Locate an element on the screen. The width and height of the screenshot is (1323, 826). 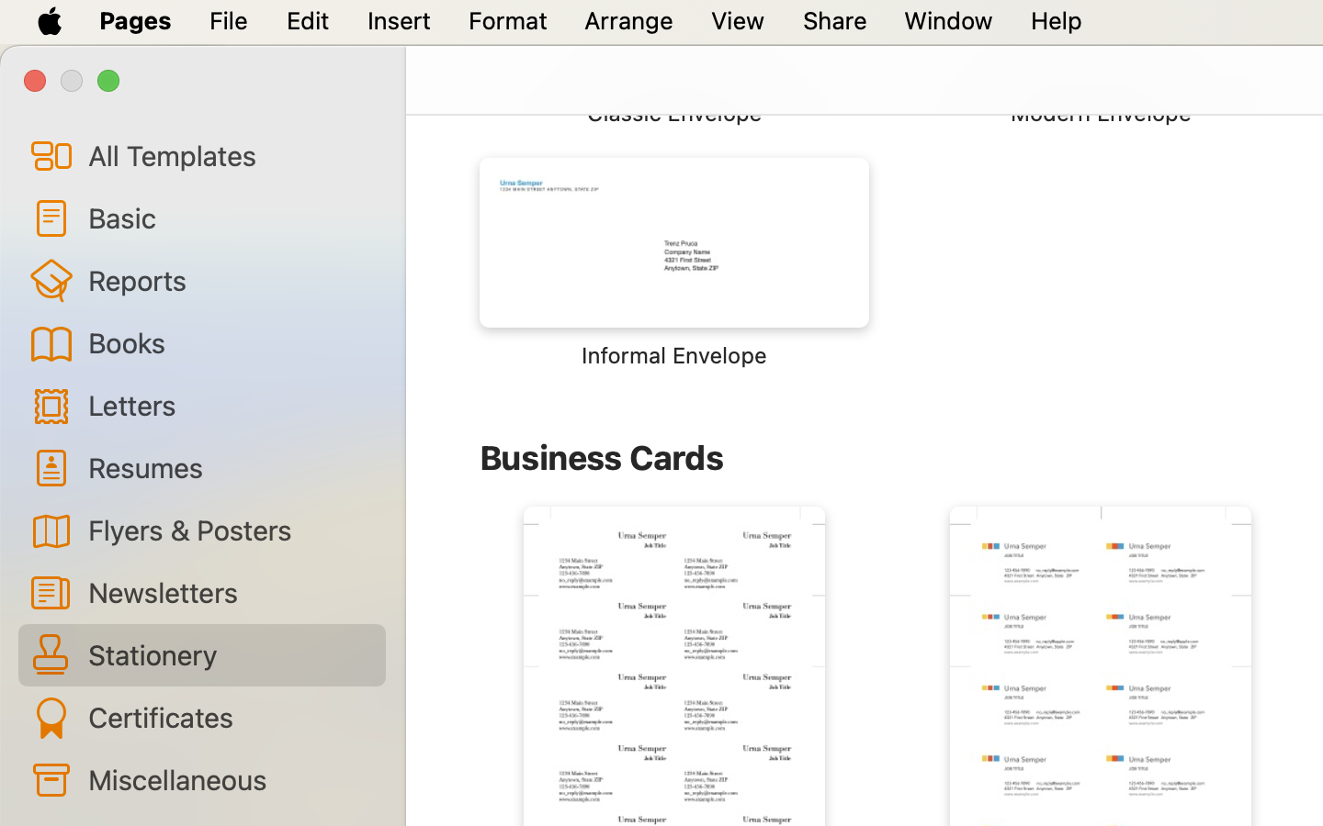
'All Templates' is located at coordinates (228, 155).